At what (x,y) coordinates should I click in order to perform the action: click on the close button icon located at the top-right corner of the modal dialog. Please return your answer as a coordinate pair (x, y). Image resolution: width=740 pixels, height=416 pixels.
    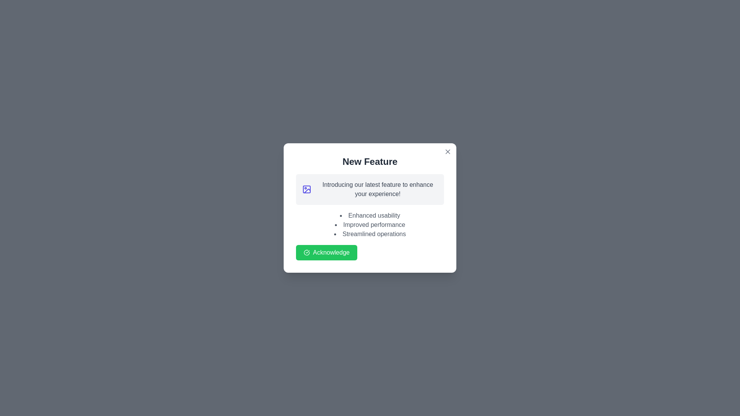
    Looking at the image, I should click on (447, 151).